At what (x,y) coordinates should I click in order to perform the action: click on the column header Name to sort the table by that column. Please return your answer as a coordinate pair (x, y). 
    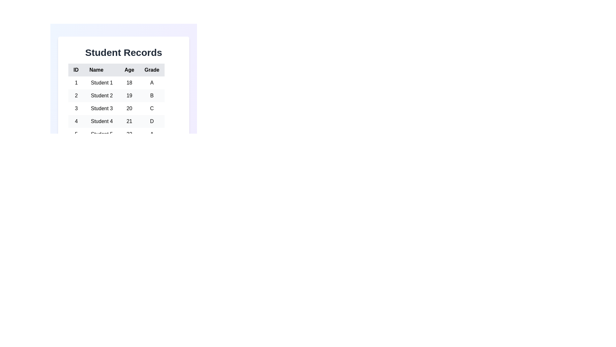
    Looking at the image, I should click on (101, 70).